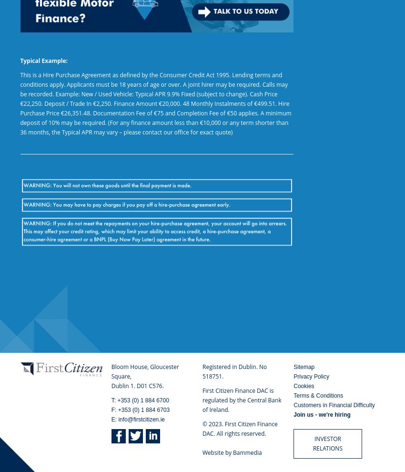 The image size is (405, 472). Describe the element at coordinates (140, 410) in the screenshot. I see `'F: +353 (0) 1 884 6703'` at that location.